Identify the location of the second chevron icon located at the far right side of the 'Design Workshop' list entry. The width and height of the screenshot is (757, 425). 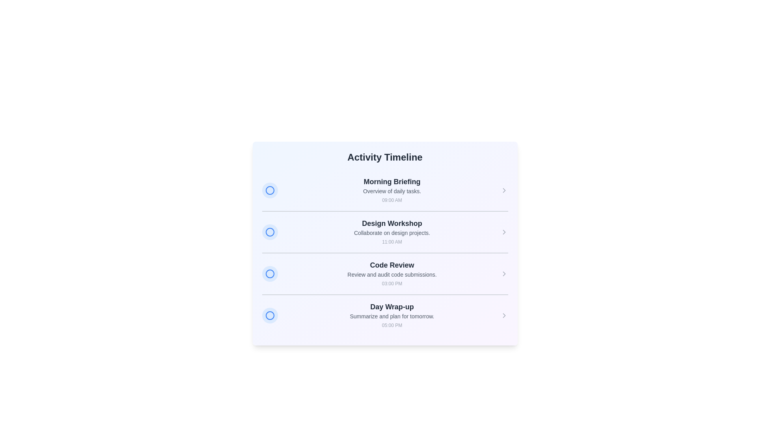
(503, 232).